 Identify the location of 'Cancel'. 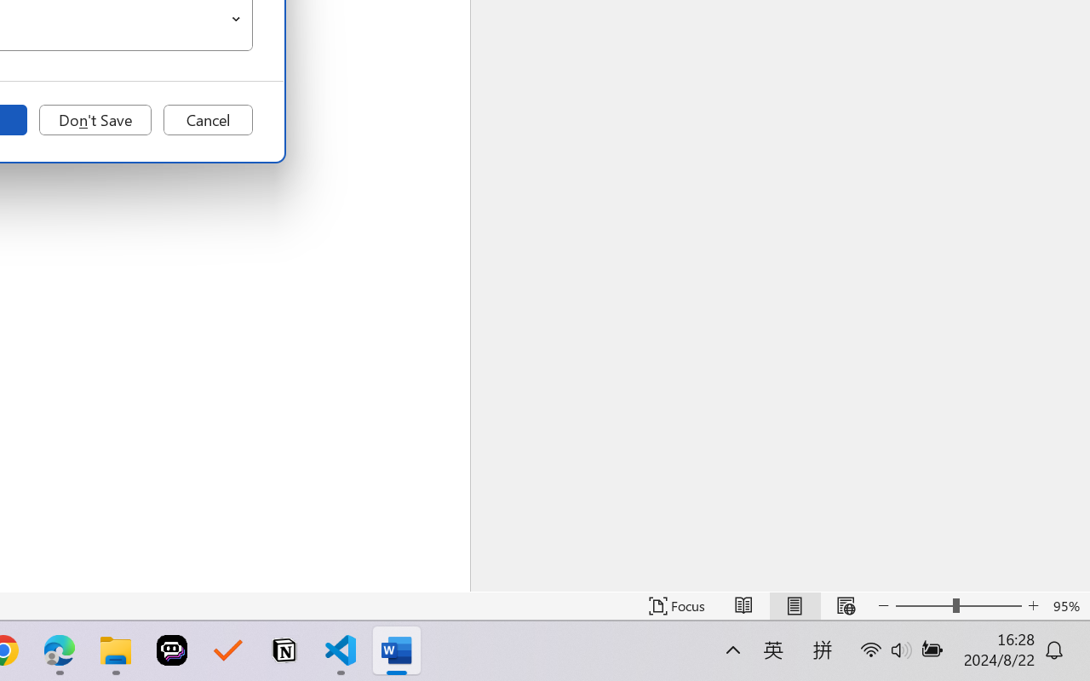
(207, 120).